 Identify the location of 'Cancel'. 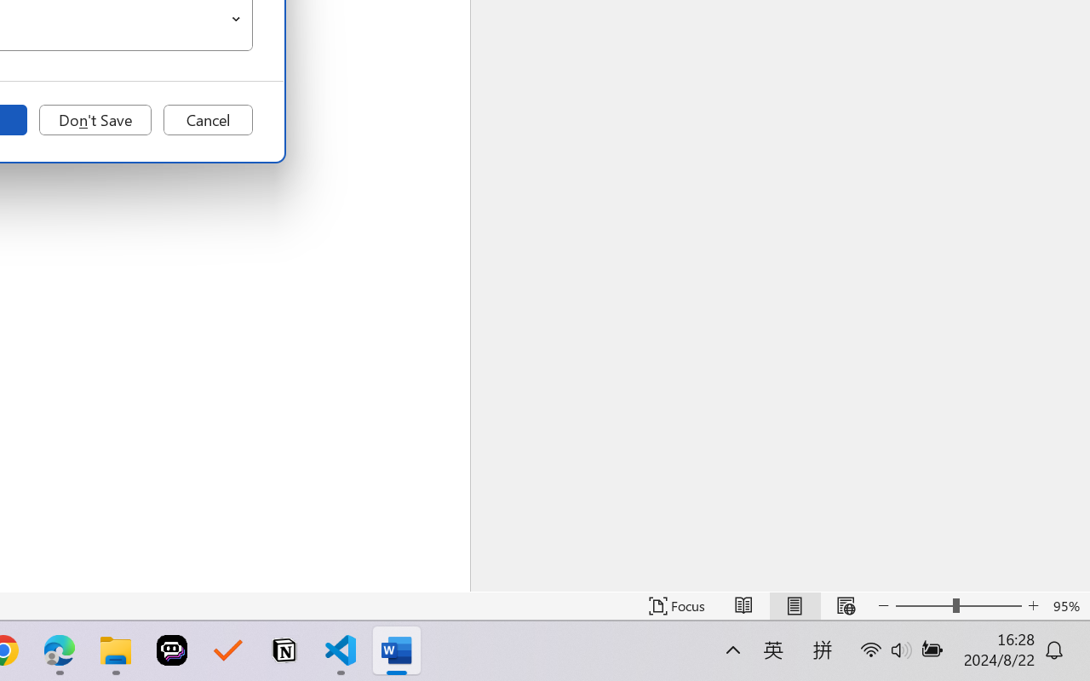
(207, 120).